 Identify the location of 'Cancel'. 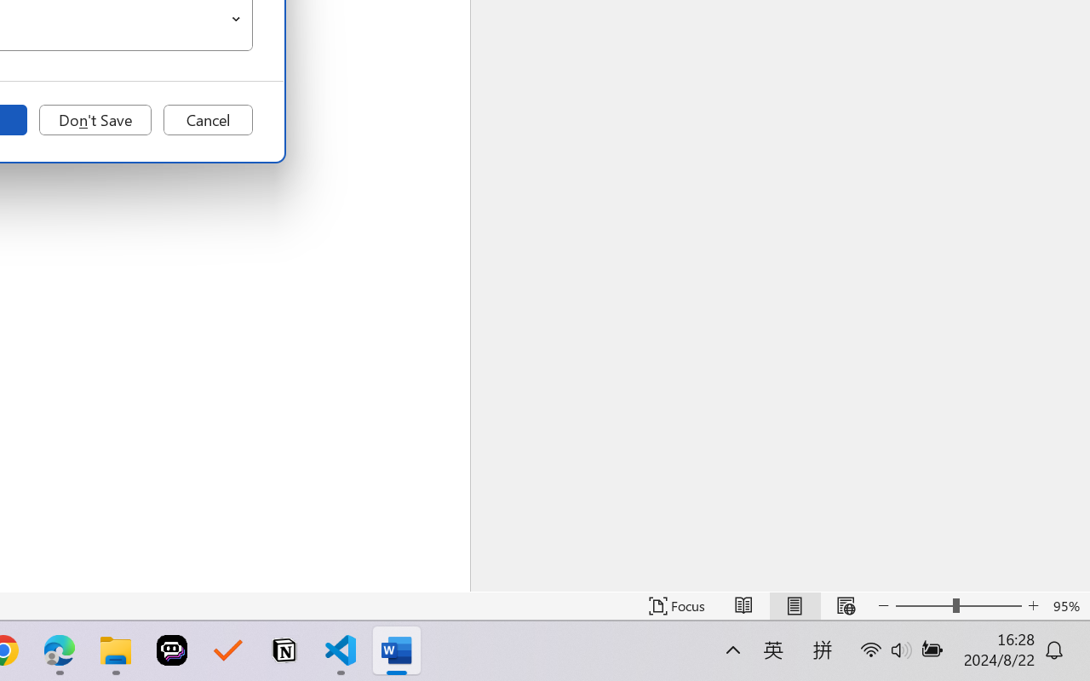
(207, 120).